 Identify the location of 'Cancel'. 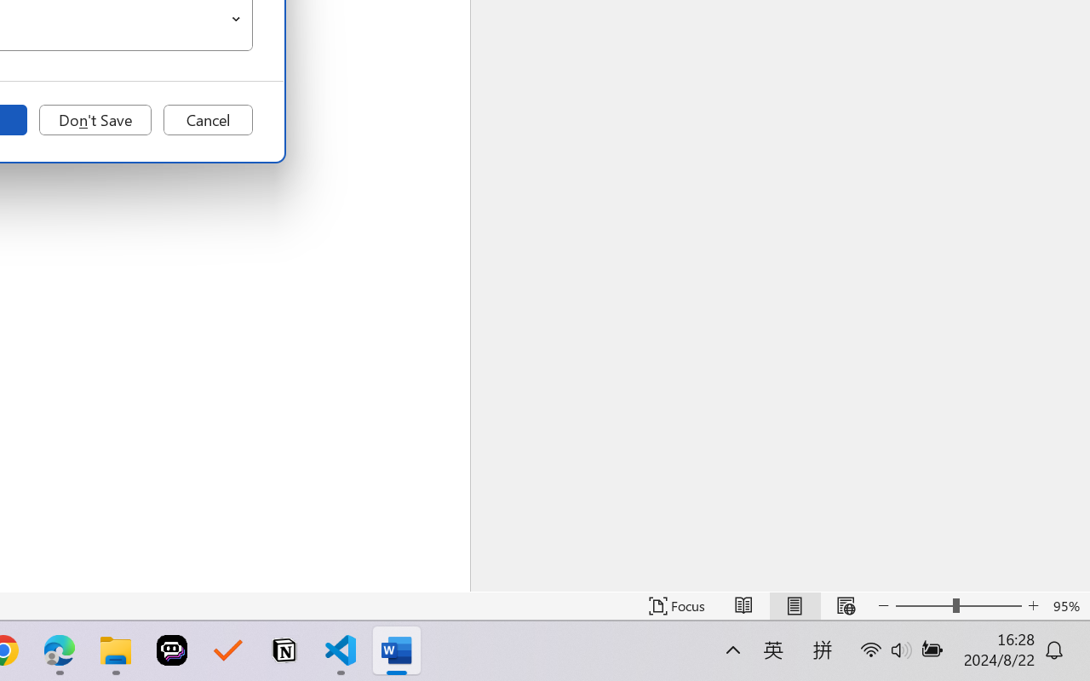
(207, 120).